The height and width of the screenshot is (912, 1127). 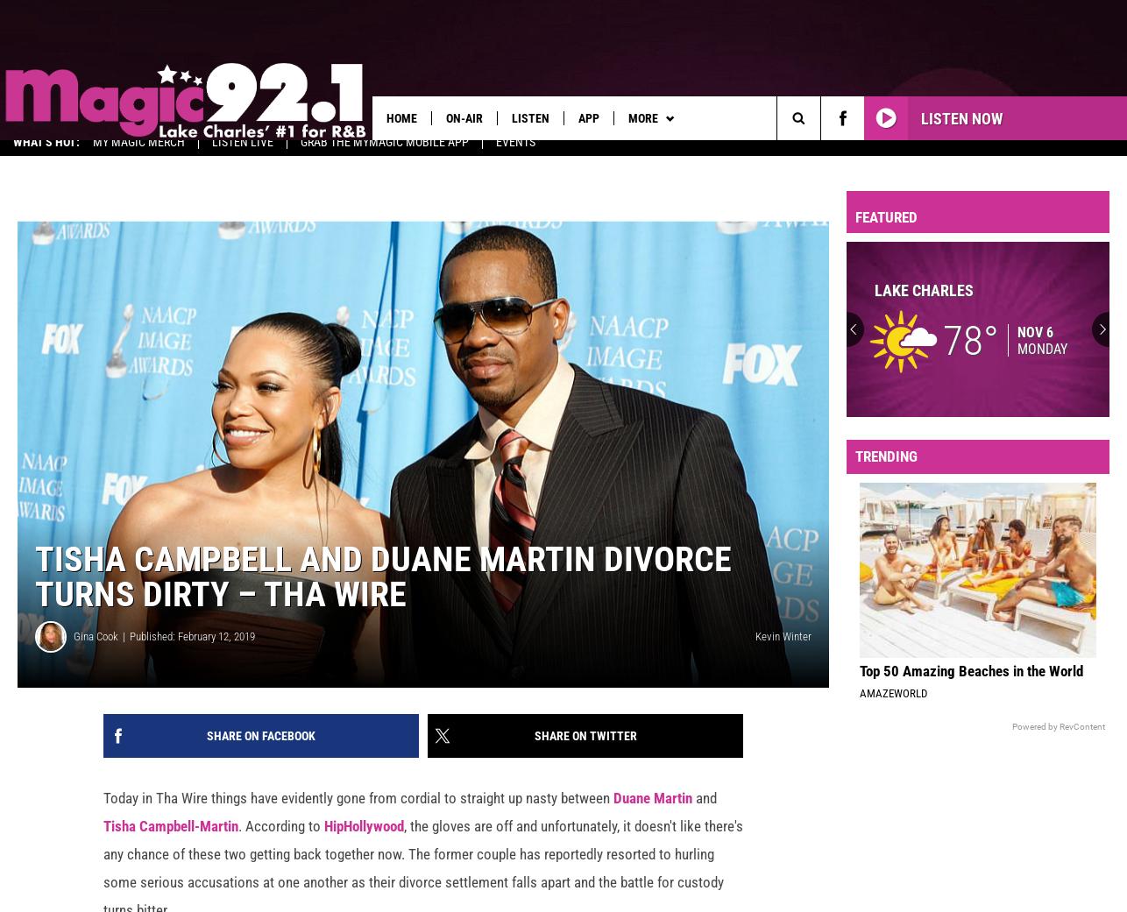 I want to click on 'Home', so click(x=400, y=118).